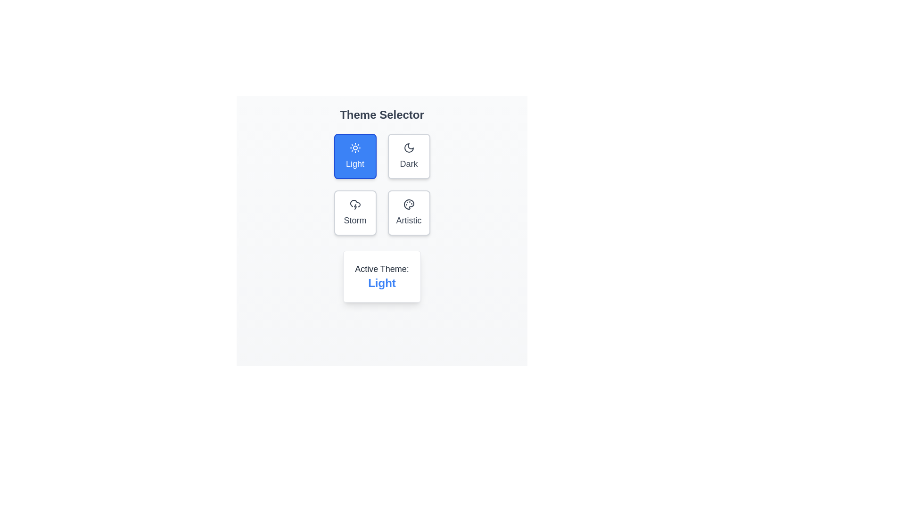 This screenshot has height=509, width=905. What do you see at coordinates (409, 213) in the screenshot?
I see `the theme button labeled Artistic` at bounding box center [409, 213].